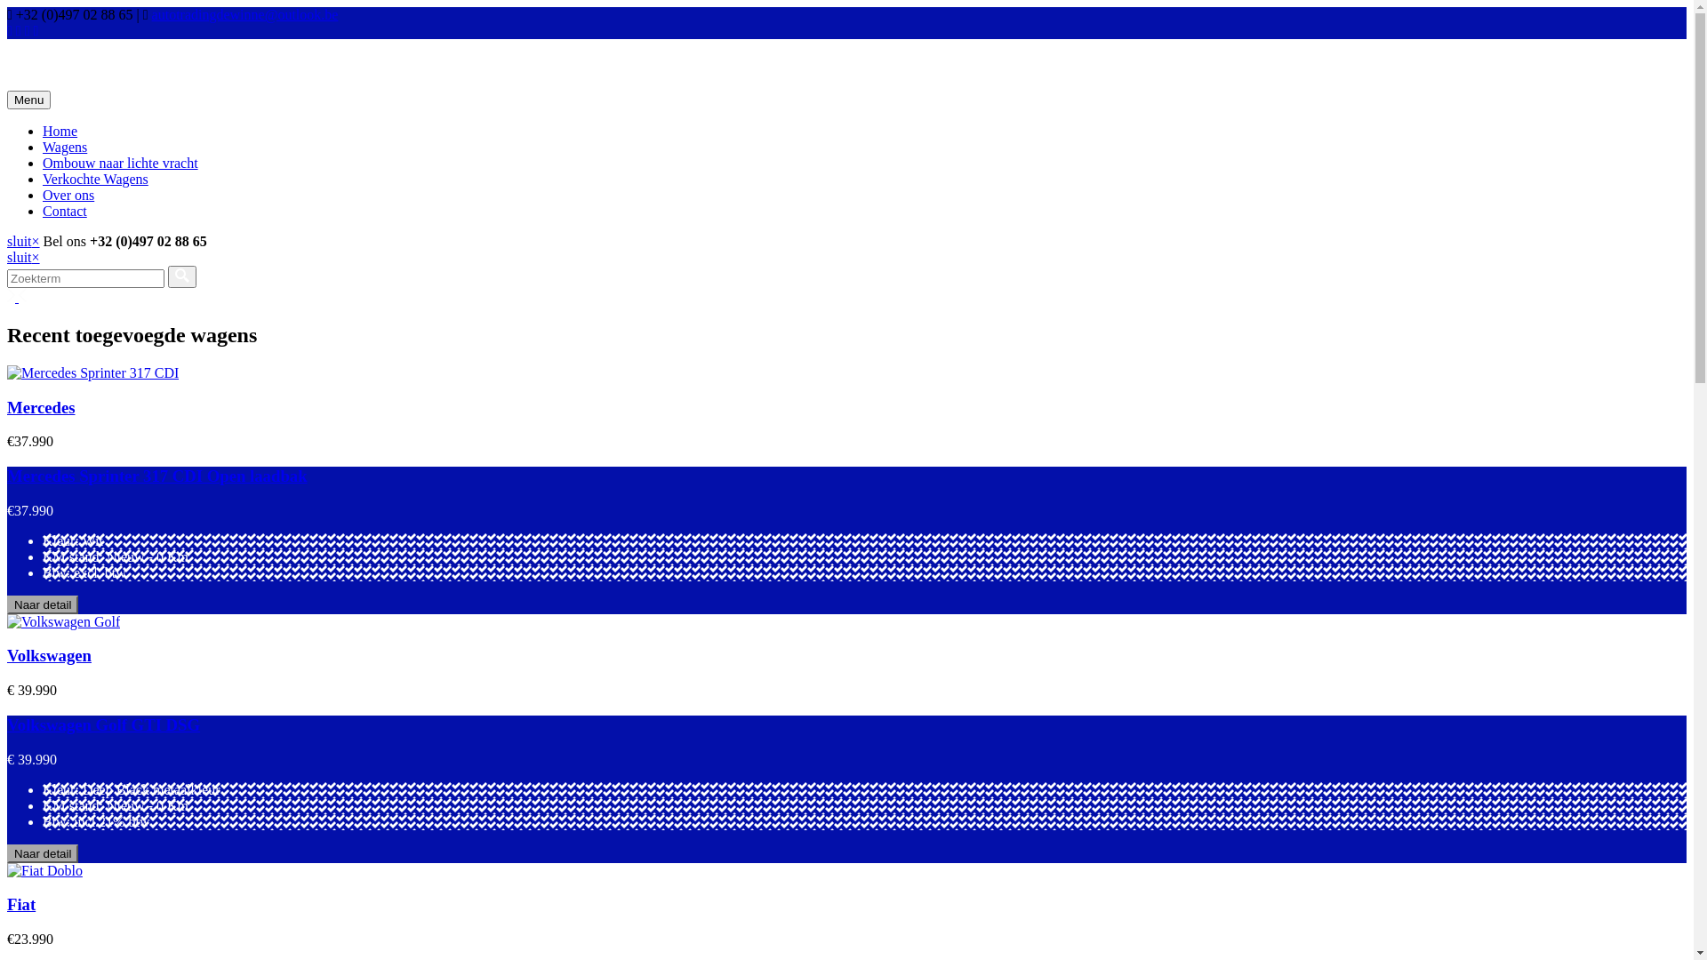  What do you see at coordinates (102, 724) in the screenshot?
I see `'Volkswagen Golf GTI DSG'` at bounding box center [102, 724].